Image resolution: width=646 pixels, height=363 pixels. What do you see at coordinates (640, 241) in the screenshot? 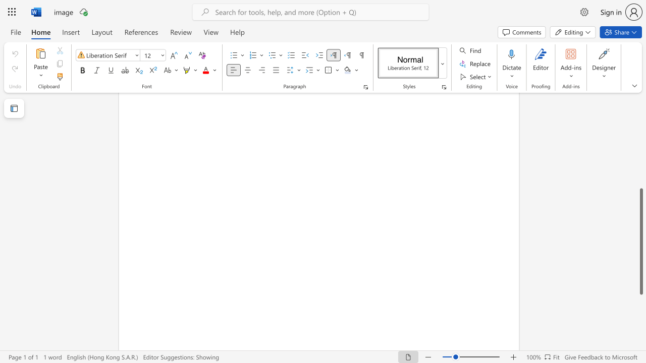
I see `the scrollbar and move down 220 pixels` at bounding box center [640, 241].